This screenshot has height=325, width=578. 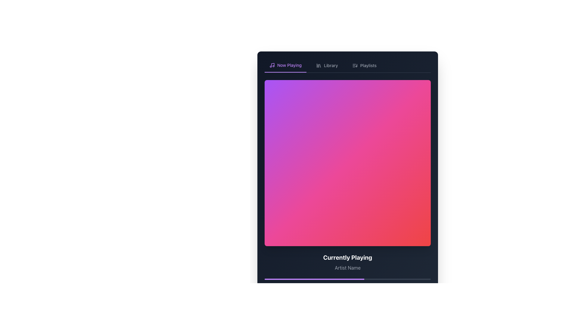 What do you see at coordinates (364, 66) in the screenshot?
I see `the 'Playlists' text-label menu item with an icon, which is the third item` at bounding box center [364, 66].